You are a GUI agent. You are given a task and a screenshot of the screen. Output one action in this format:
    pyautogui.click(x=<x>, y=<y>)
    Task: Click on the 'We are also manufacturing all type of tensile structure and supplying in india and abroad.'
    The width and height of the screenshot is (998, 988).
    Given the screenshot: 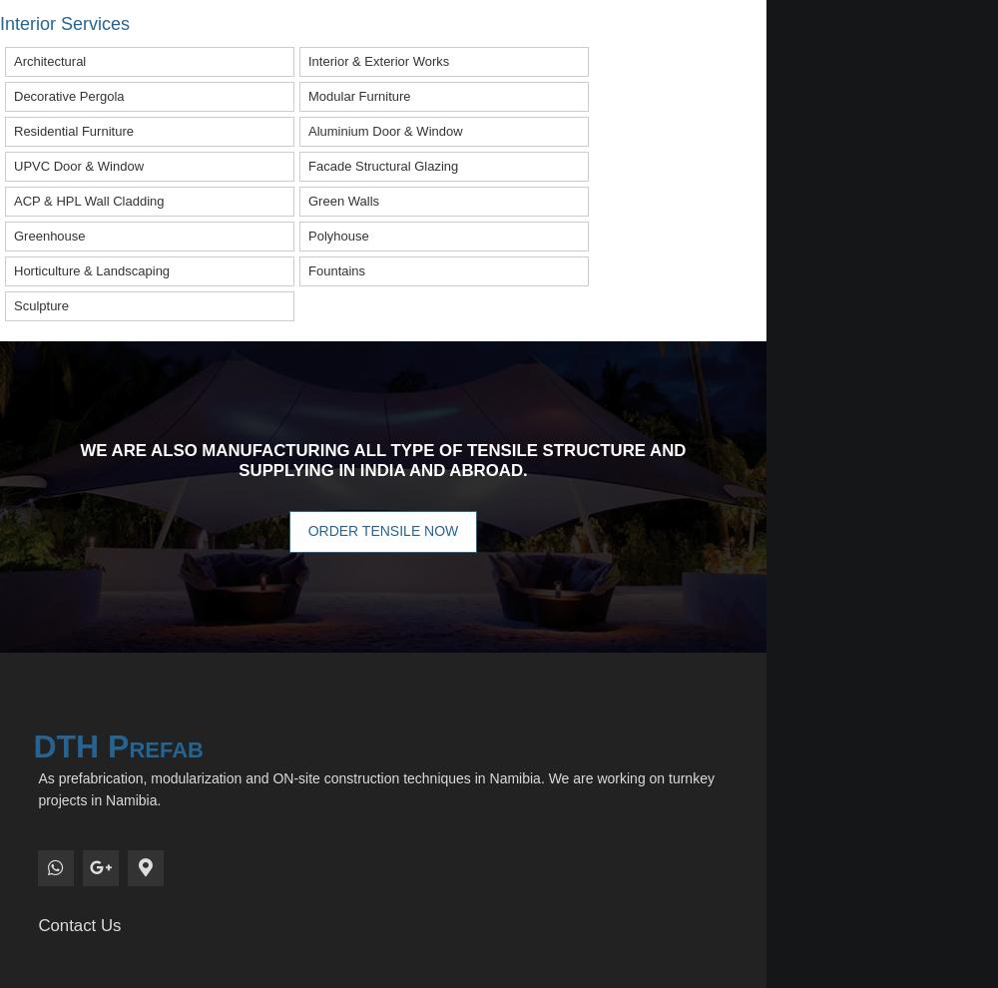 What is the action you would take?
    pyautogui.click(x=382, y=459)
    